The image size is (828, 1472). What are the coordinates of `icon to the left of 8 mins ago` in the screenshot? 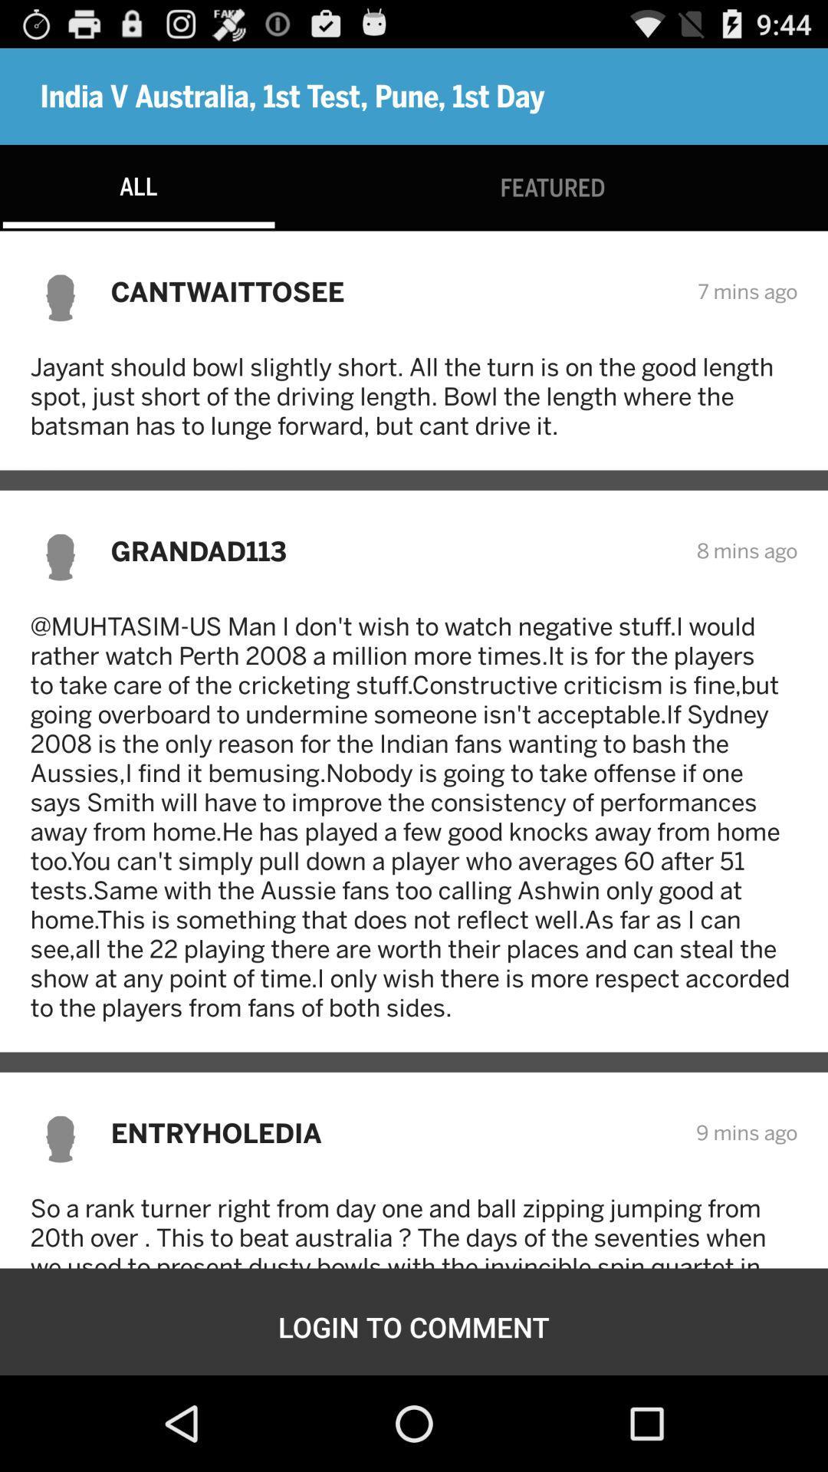 It's located at (393, 550).